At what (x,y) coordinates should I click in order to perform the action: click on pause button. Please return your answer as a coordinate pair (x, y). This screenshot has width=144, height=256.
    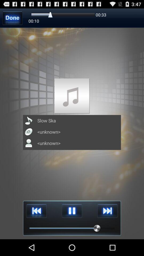
    Looking at the image, I should click on (72, 211).